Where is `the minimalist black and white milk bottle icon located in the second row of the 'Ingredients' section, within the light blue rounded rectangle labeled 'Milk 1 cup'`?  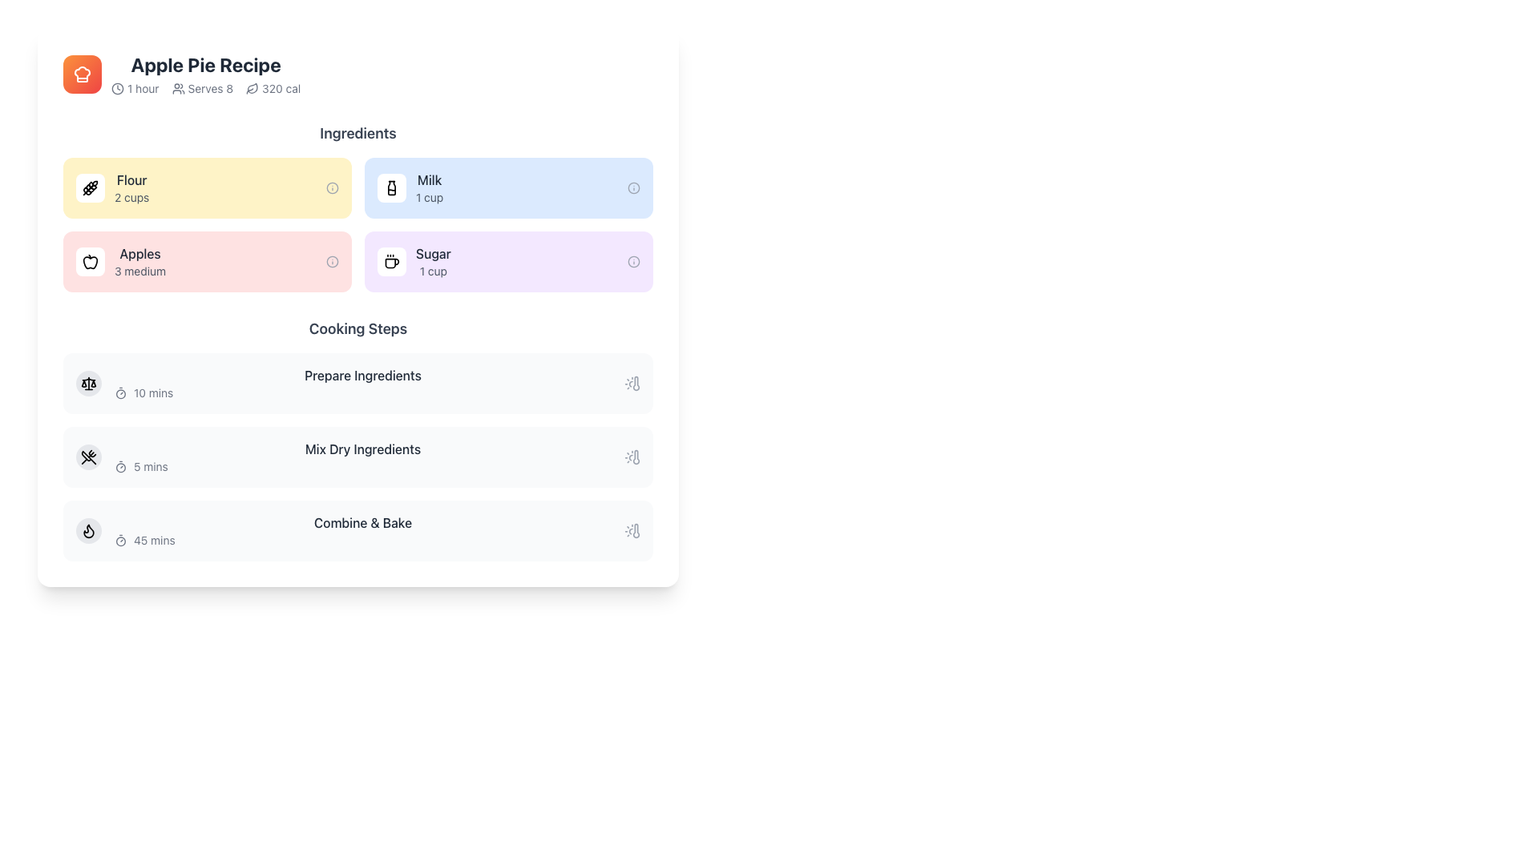 the minimalist black and white milk bottle icon located in the second row of the 'Ingredients' section, within the light blue rounded rectangle labeled 'Milk 1 cup' is located at coordinates (392, 187).